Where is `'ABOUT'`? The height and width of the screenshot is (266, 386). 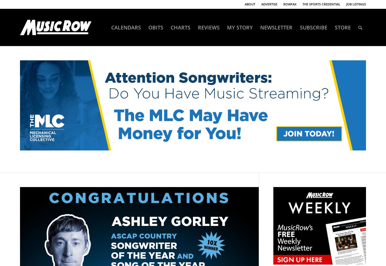
'ABOUT' is located at coordinates (250, 4).